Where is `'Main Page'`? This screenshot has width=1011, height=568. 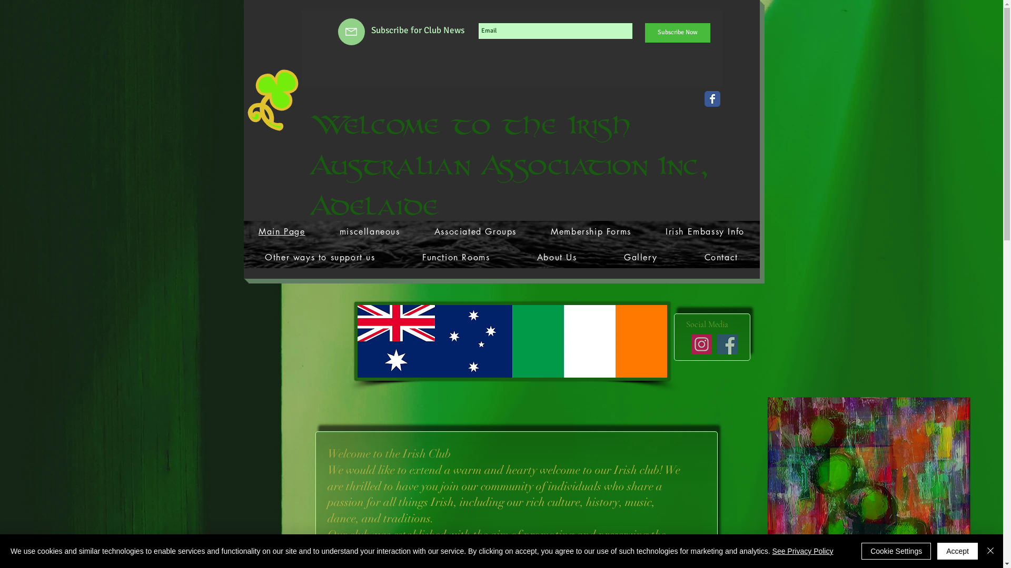 'Main Page' is located at coordinates (281, 231).